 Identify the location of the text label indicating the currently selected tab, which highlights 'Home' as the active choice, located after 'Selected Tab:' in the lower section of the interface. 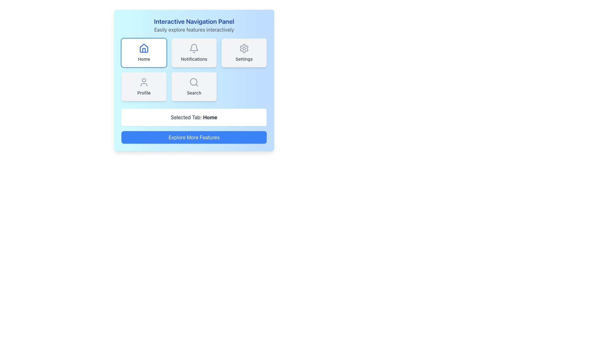
(210, 117).